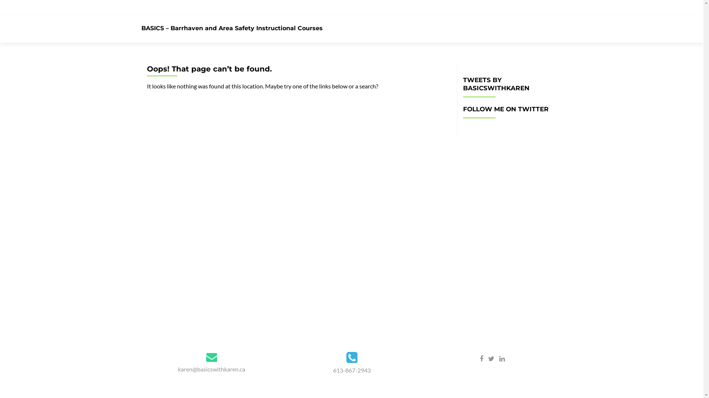 The image size is (709, 398). I want to click on 'Facebook link', so click(479, 358).